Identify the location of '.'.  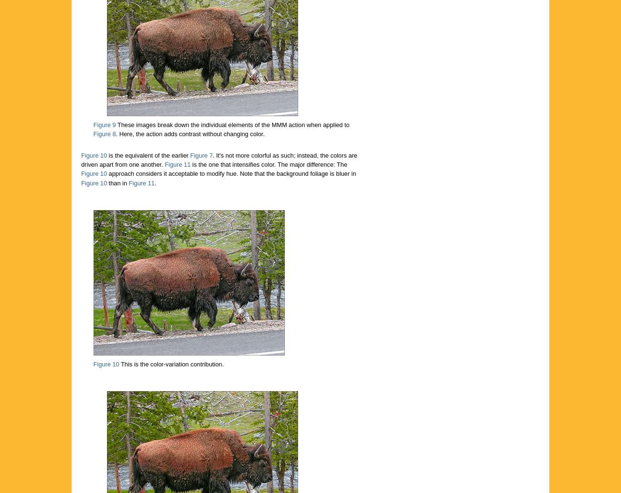
(155, 182).